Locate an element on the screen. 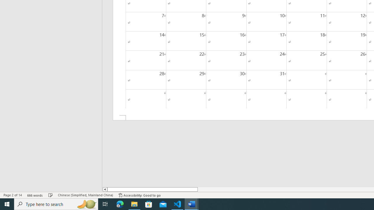 This screenshot has width=374, height=210. 'Page Number Page 2 of 14' is located at coordinates (13, 195).